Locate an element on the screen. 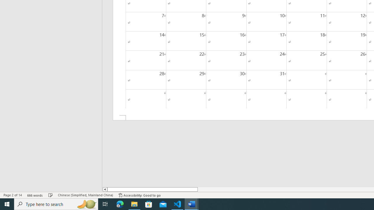 This screenshot has width=374, height=210. 'Page Number Page 2 of 14' is located at coordinates (13, 195).